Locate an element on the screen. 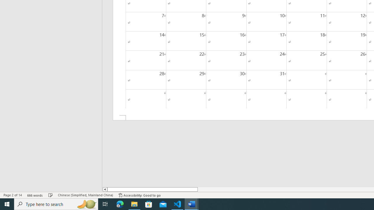 This screenshot has width=374, height=210. 'Page Number Page 2 of 14' is located at coordinates (13, 195).